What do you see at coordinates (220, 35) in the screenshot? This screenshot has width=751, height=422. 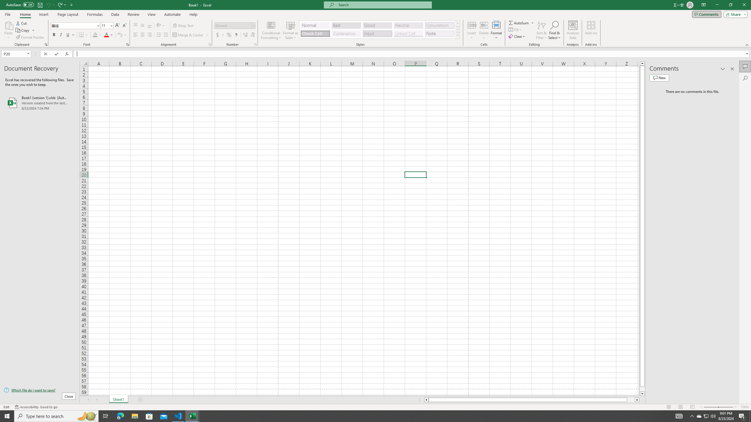 I see `'Accounting Number Format'` at bounding box center [220, 35].